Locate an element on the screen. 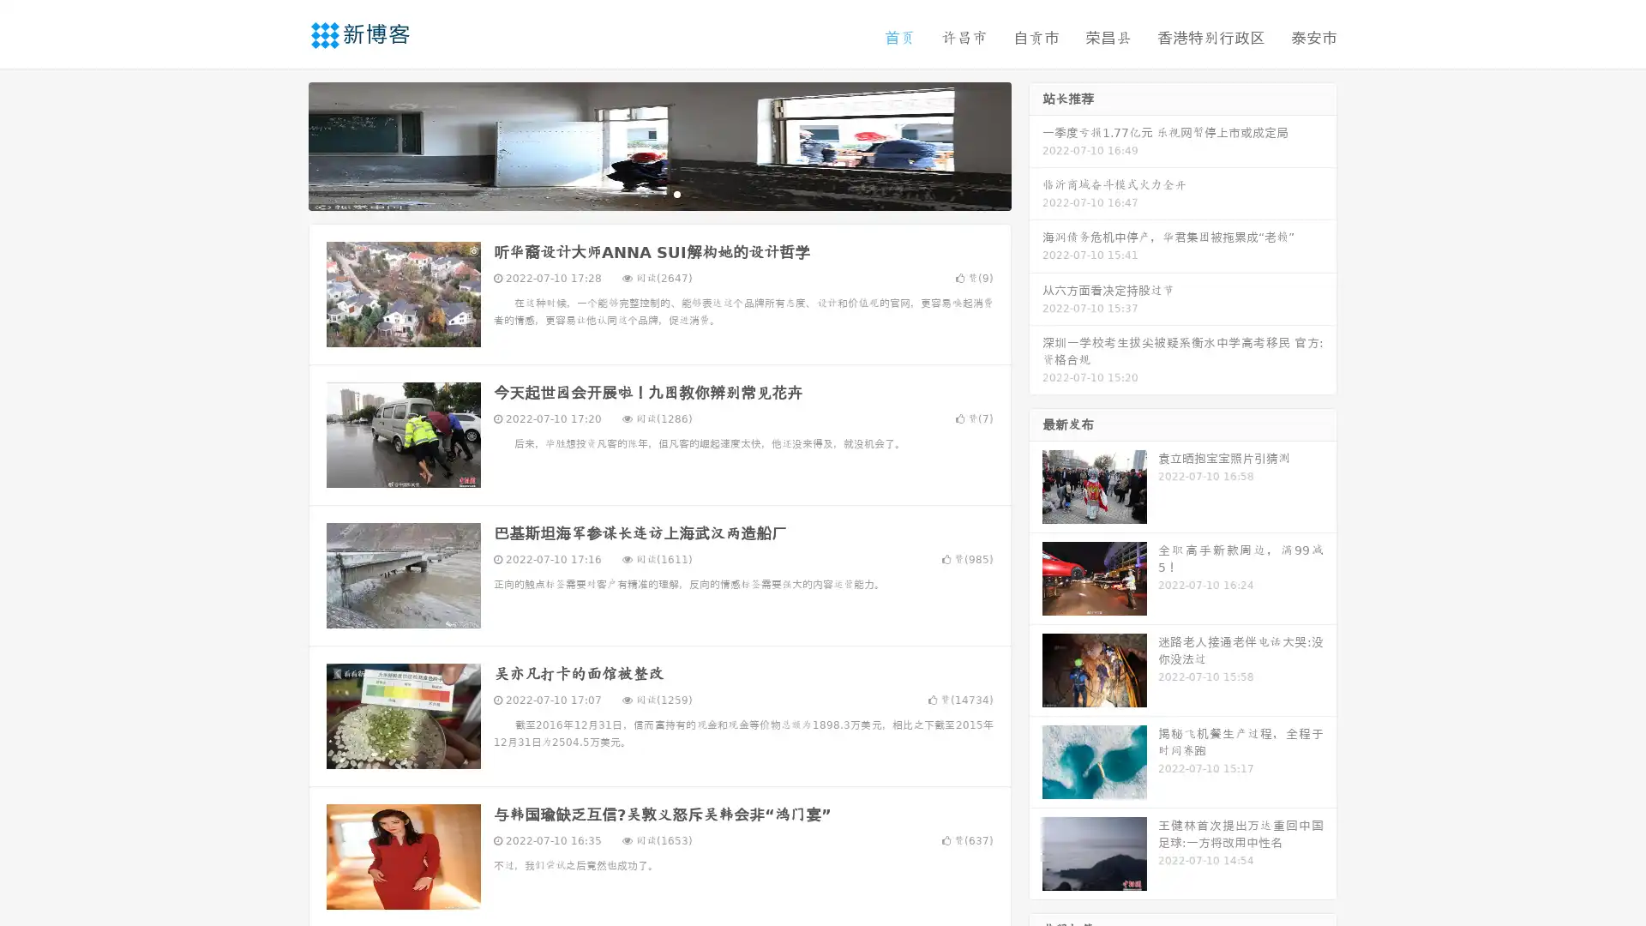  Go to slide 2 is located at coordinates (658, 193).